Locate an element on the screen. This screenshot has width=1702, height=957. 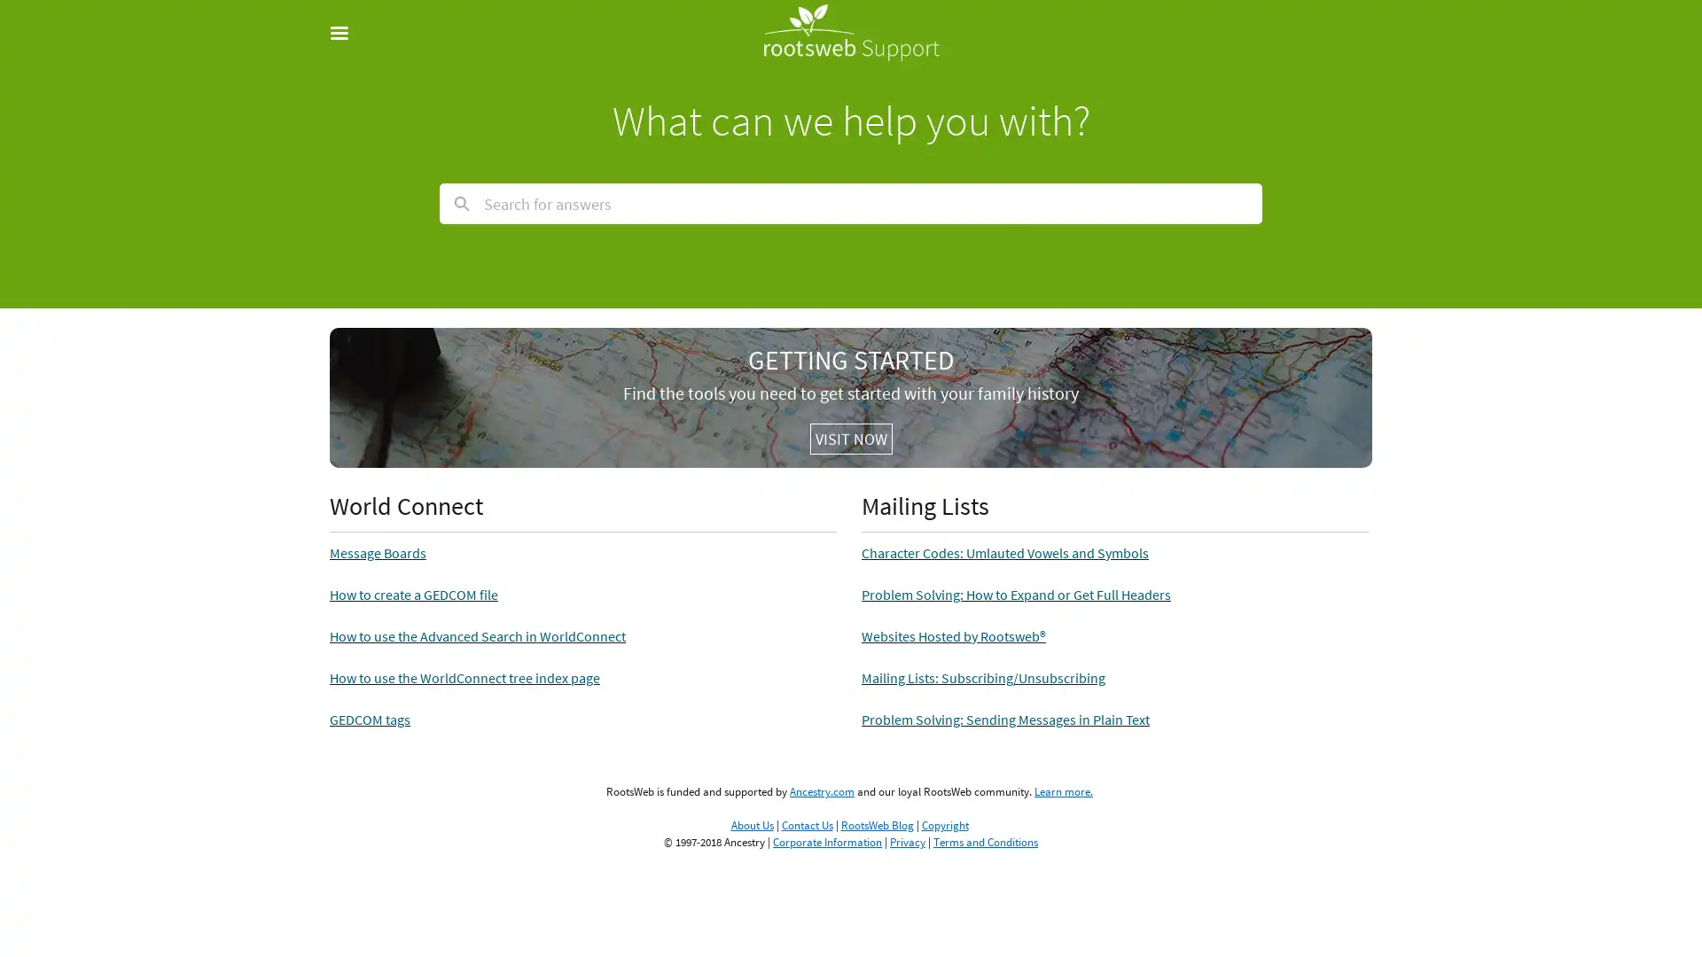
Navigation menu is located at coordinates (348, 34).